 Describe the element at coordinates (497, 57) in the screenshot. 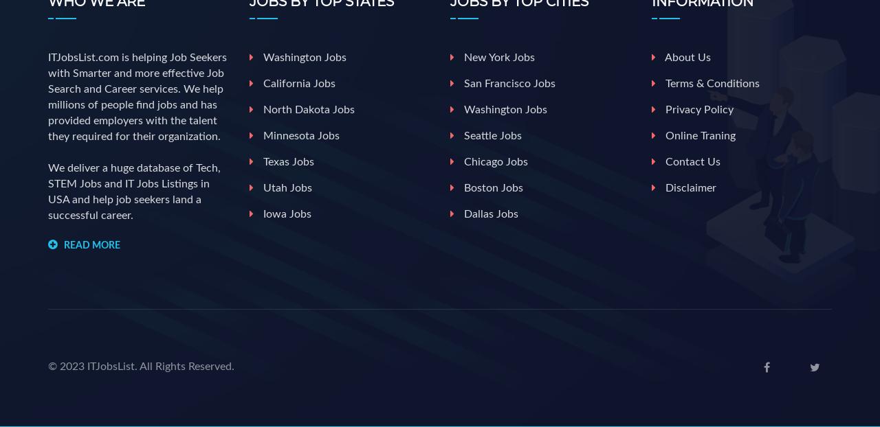

I see `'New york jobs'` at that location.